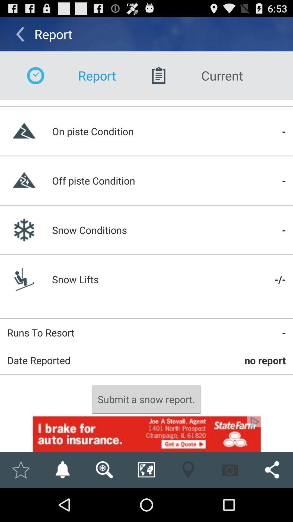 The height and width of the screenshot is (522, 293). Describe the element at coordinates (20, 470) in the screenshot. I see `home page` at that location.